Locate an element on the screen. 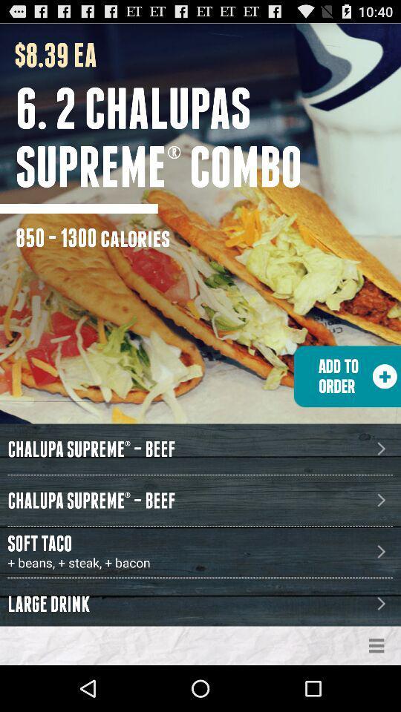 The image size is (401, 712). the 850 - 1300 calories is located at coordinates (93, 237).